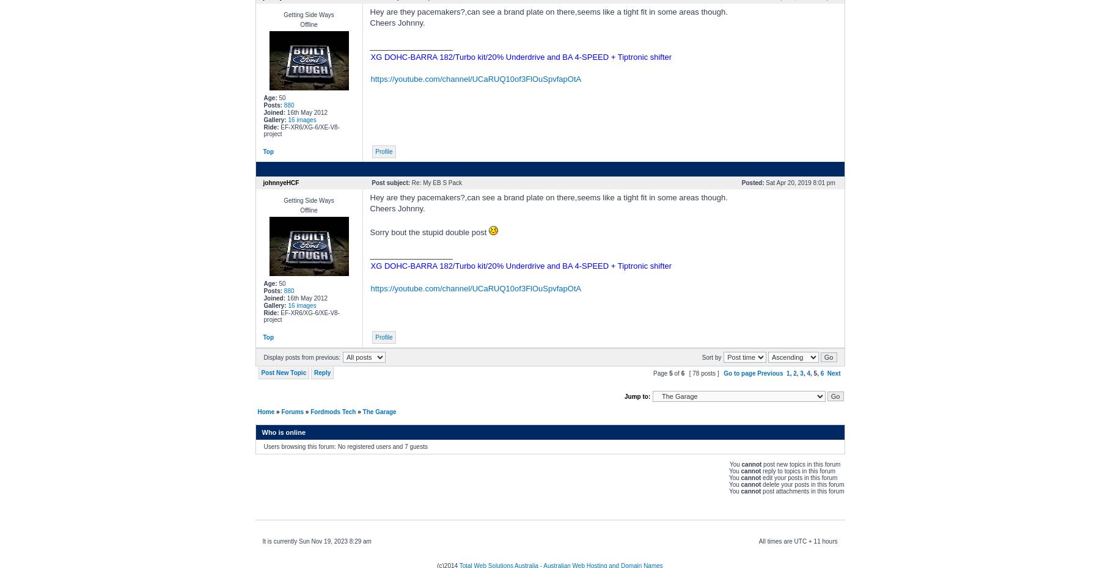 The image size is (1100, 568). I want to click on 'Previous', so click(770, 373).